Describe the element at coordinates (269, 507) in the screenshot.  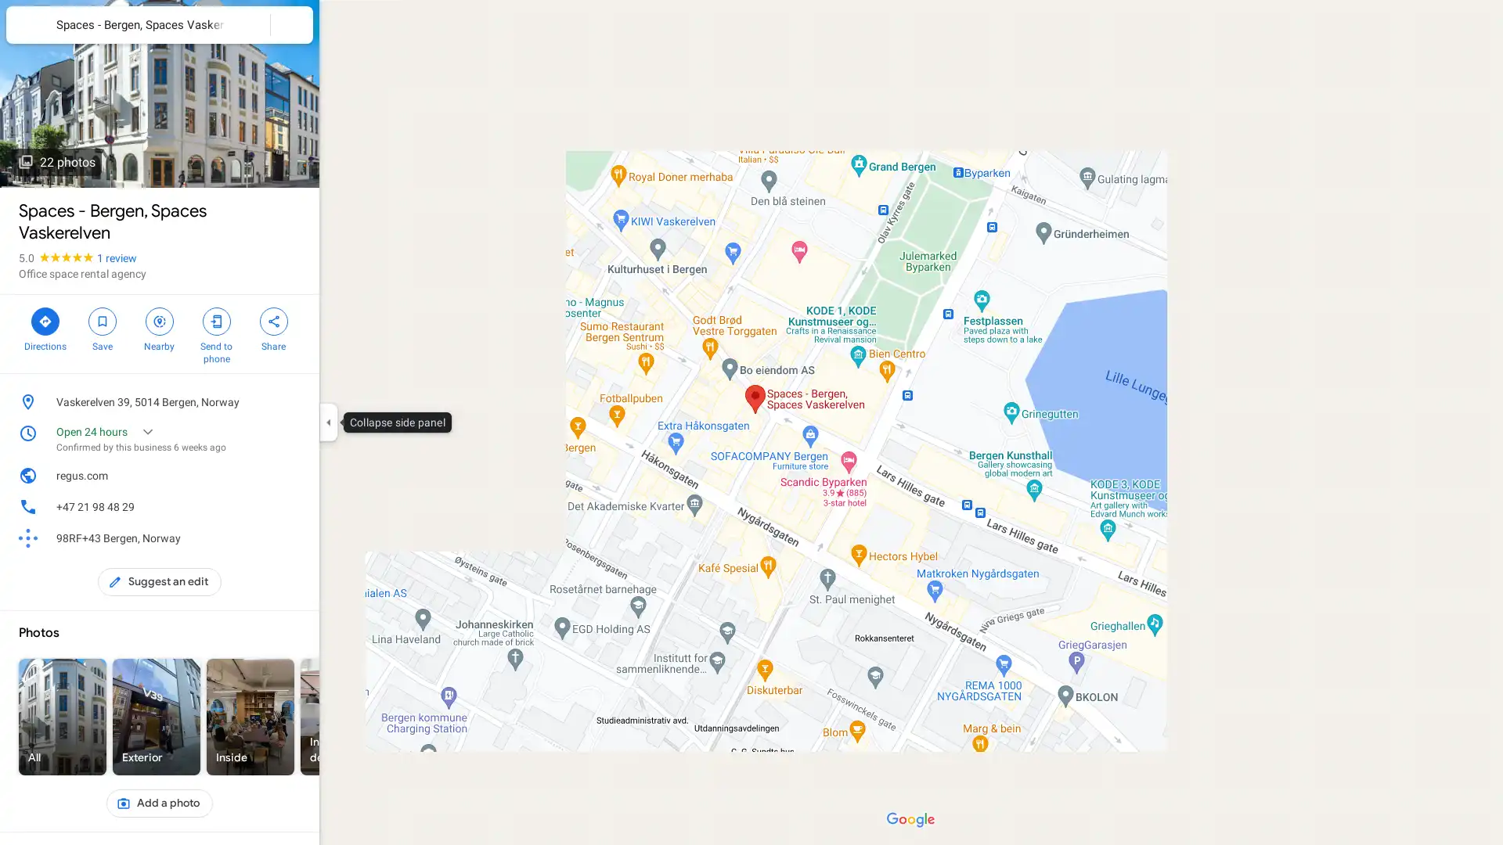
I see `Copy phone number` at that location.